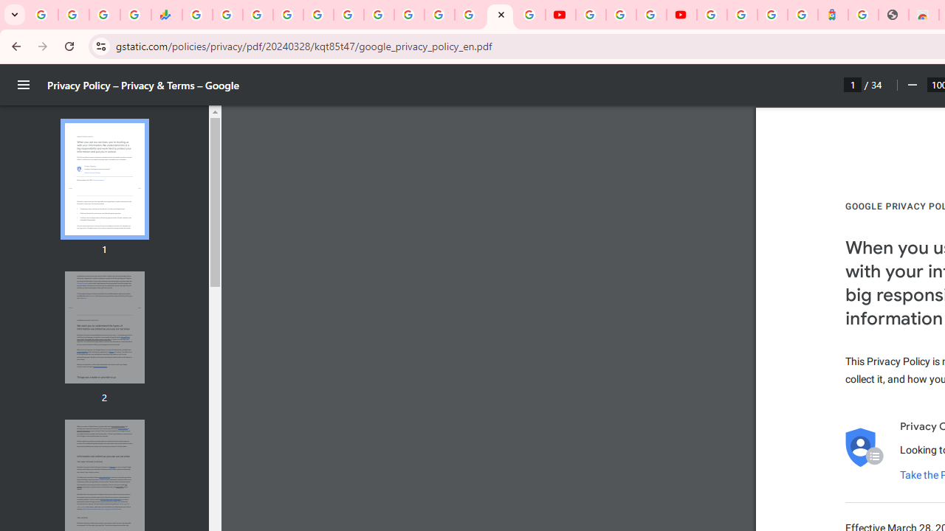  What do you see at coordinates (911, 85) in the screenshot?
I see `'Zoom out'` at bounding box center [911, 85].